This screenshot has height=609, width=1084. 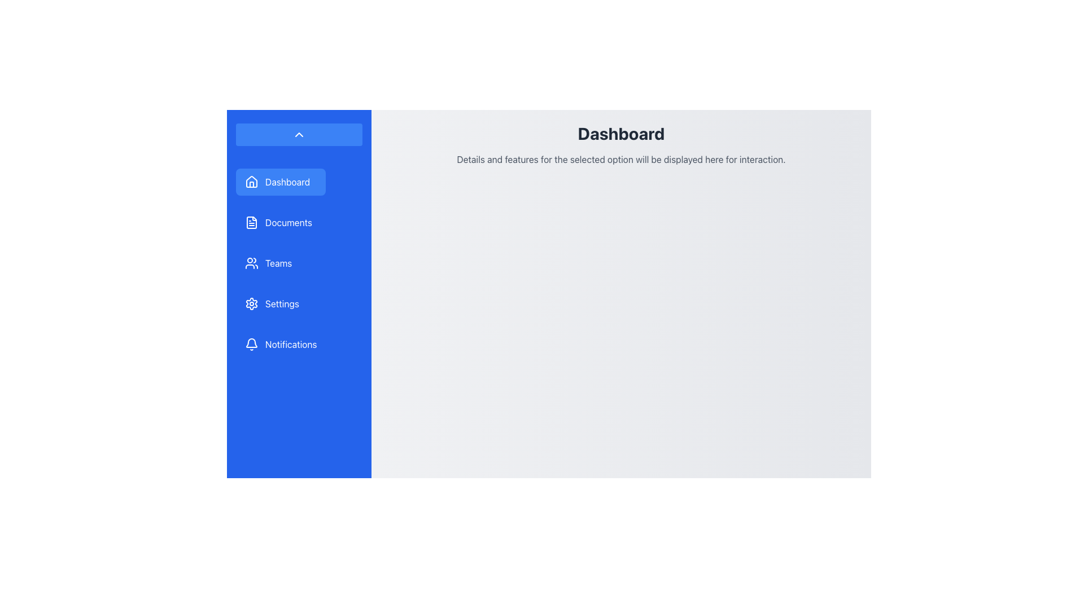 What do you see at coordinates (281, 303) in the screenshot?
I see `the fourth menu item button in the vertical sidebar` at bounding box center [281, 303].